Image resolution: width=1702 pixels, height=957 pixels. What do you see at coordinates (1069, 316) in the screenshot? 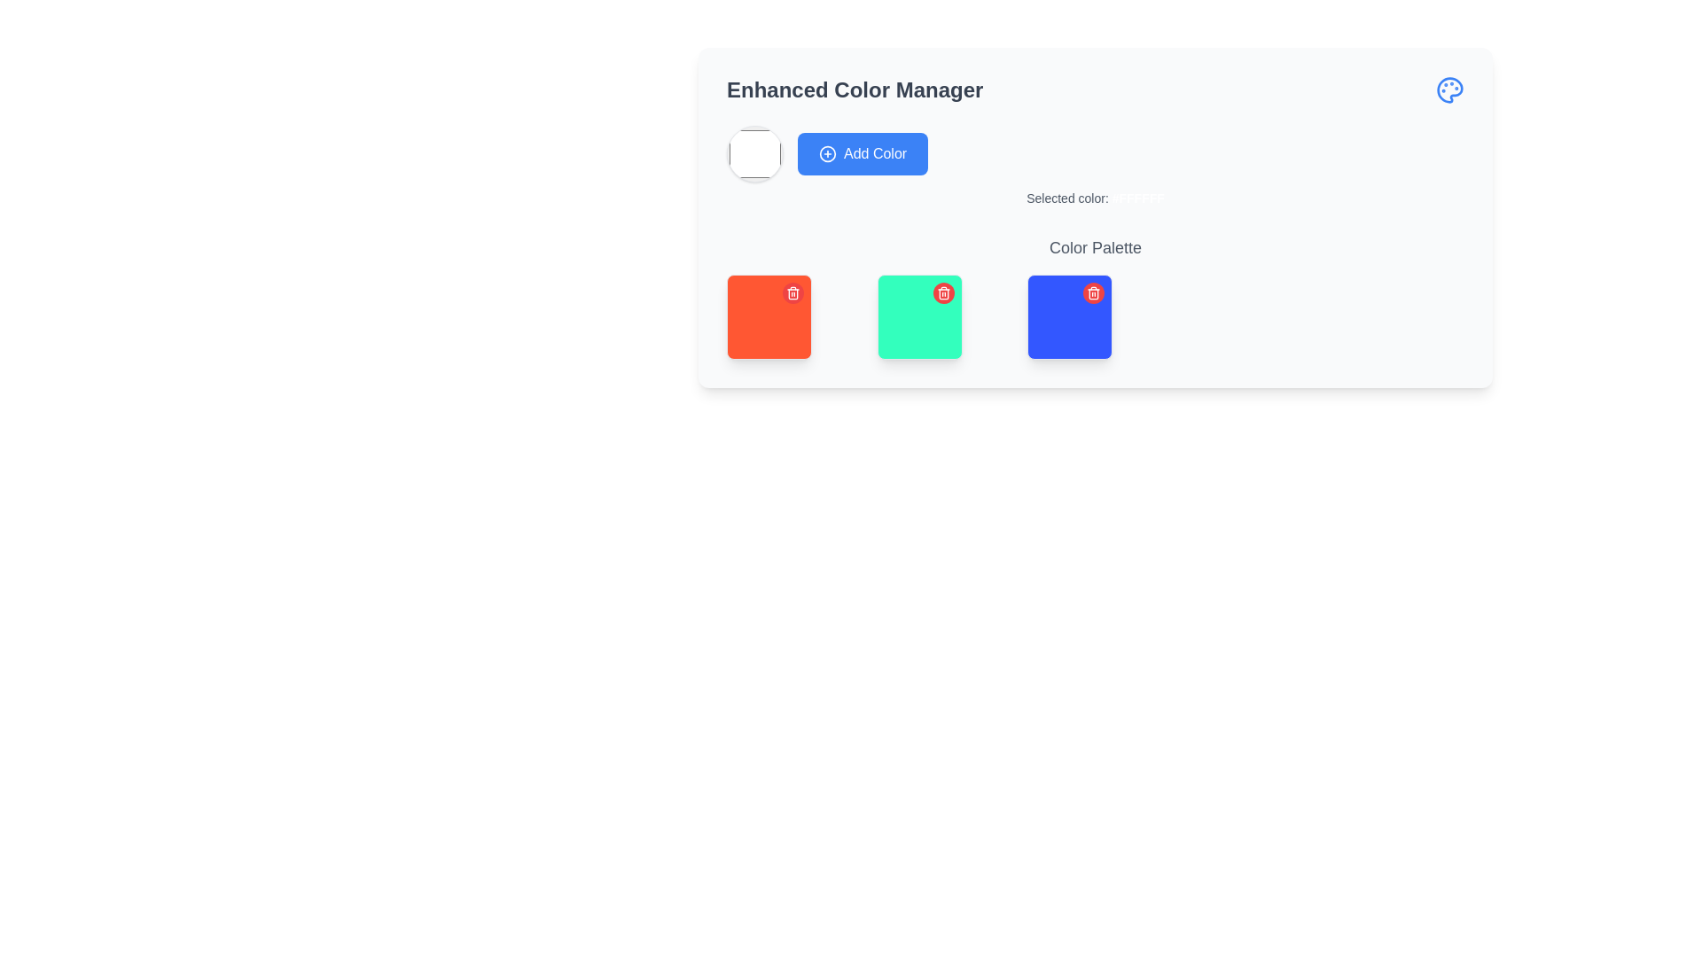
I see `the blue squared Color card with rounded corners in the Color Palette grid` at bounding box center [1069, 316].